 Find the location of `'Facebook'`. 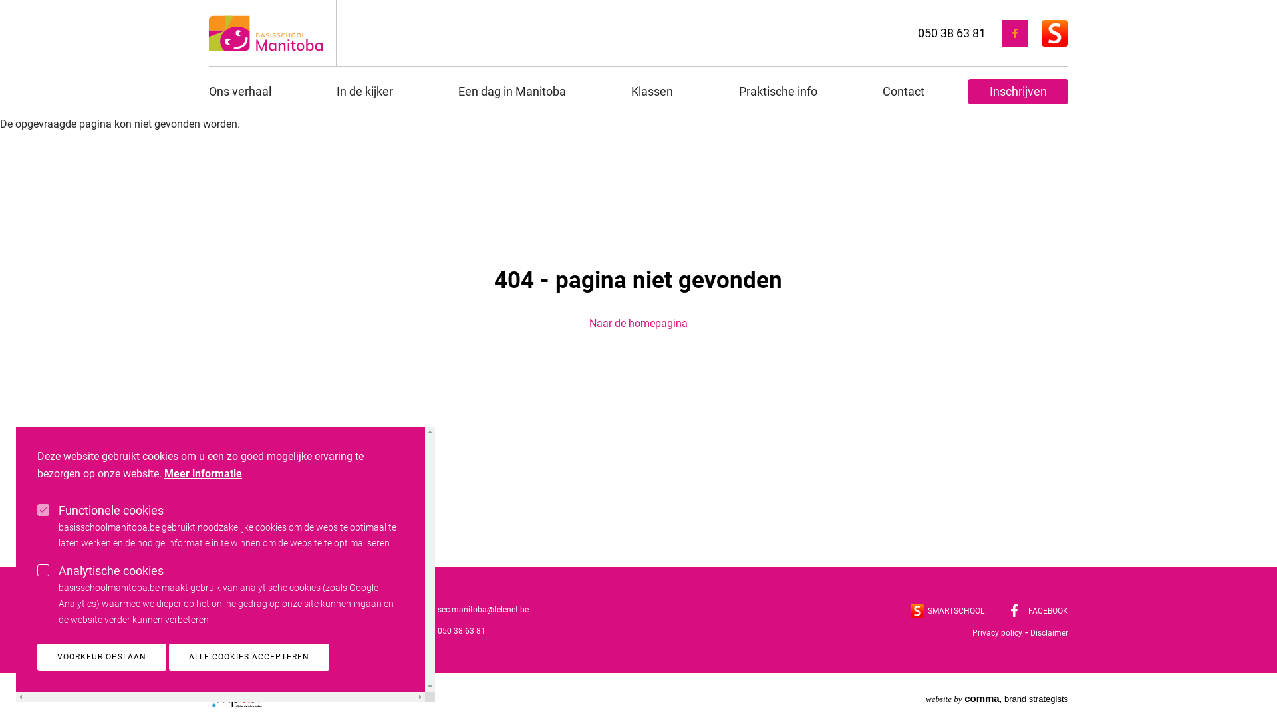

'Facebook' is located at coordinates (1014, 610).